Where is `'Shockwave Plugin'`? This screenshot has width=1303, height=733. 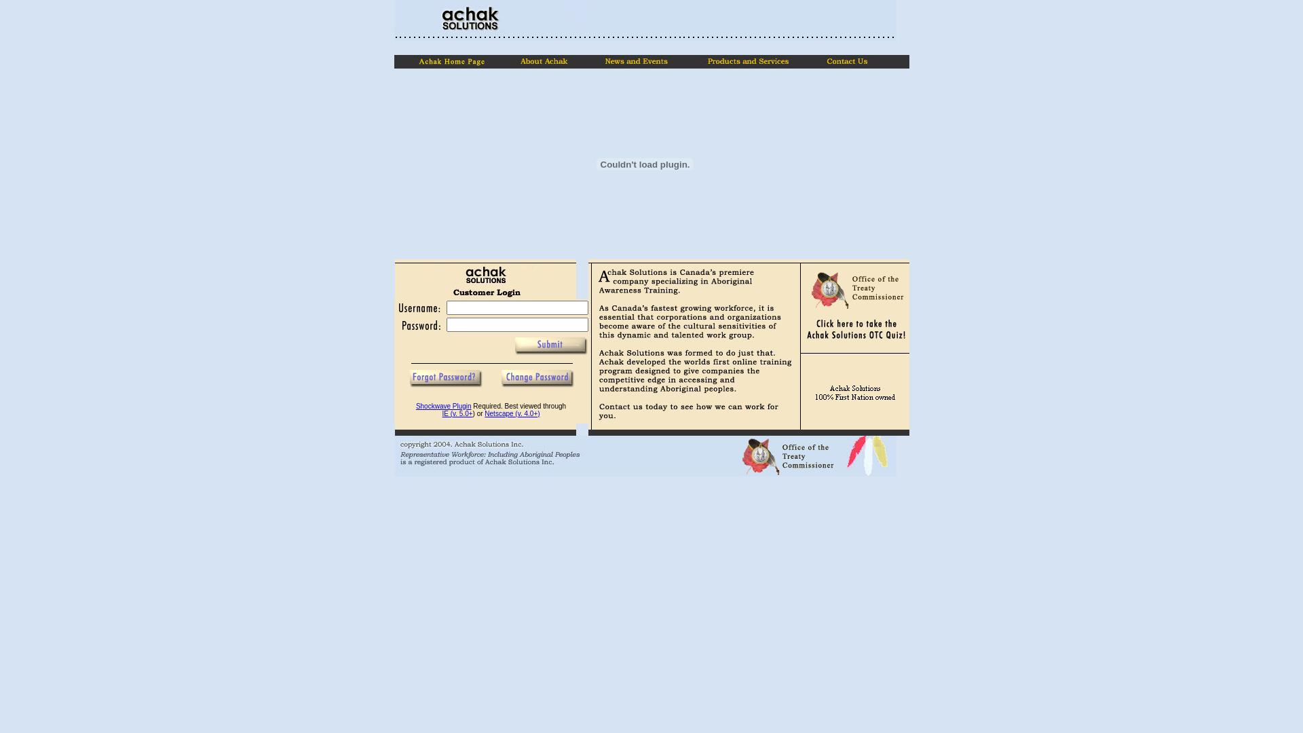
'Shockwave Plugin' is located at coordinates (443, 405).